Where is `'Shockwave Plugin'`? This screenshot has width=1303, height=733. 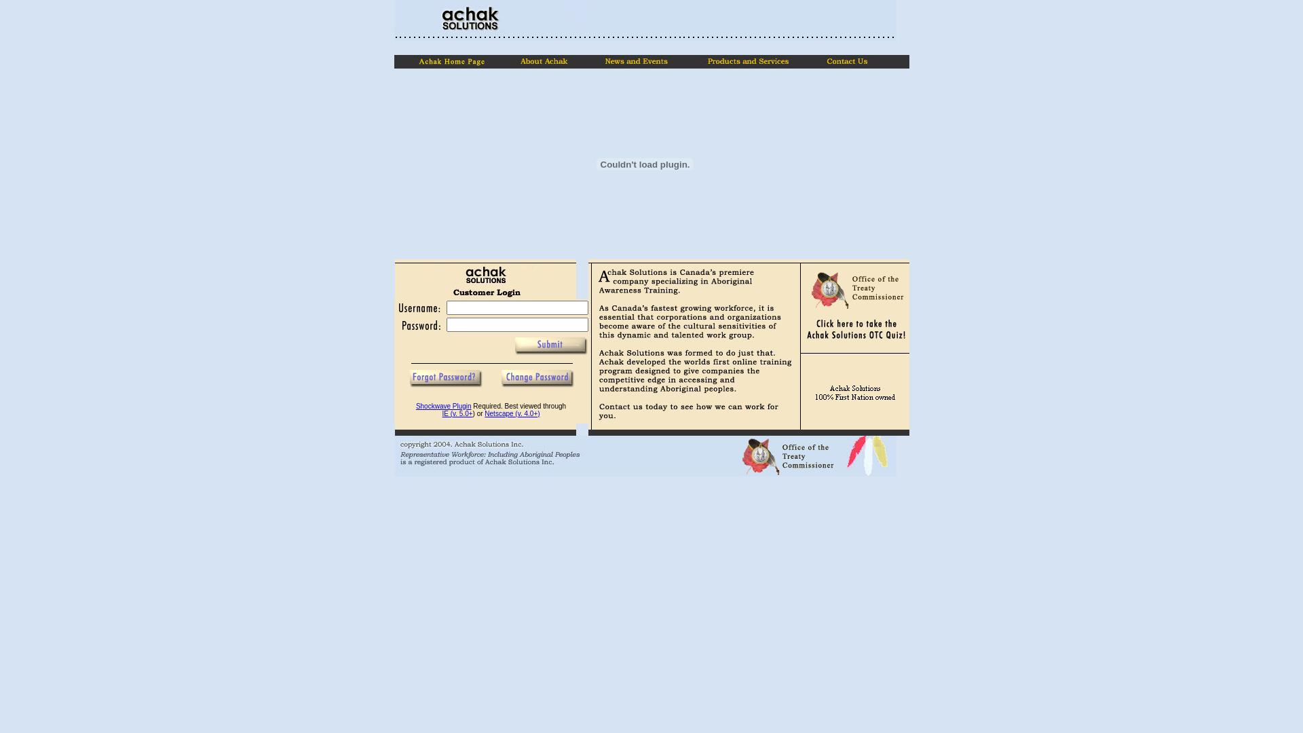
'Shockwave Plugin' is located at coordinates (443, 405).